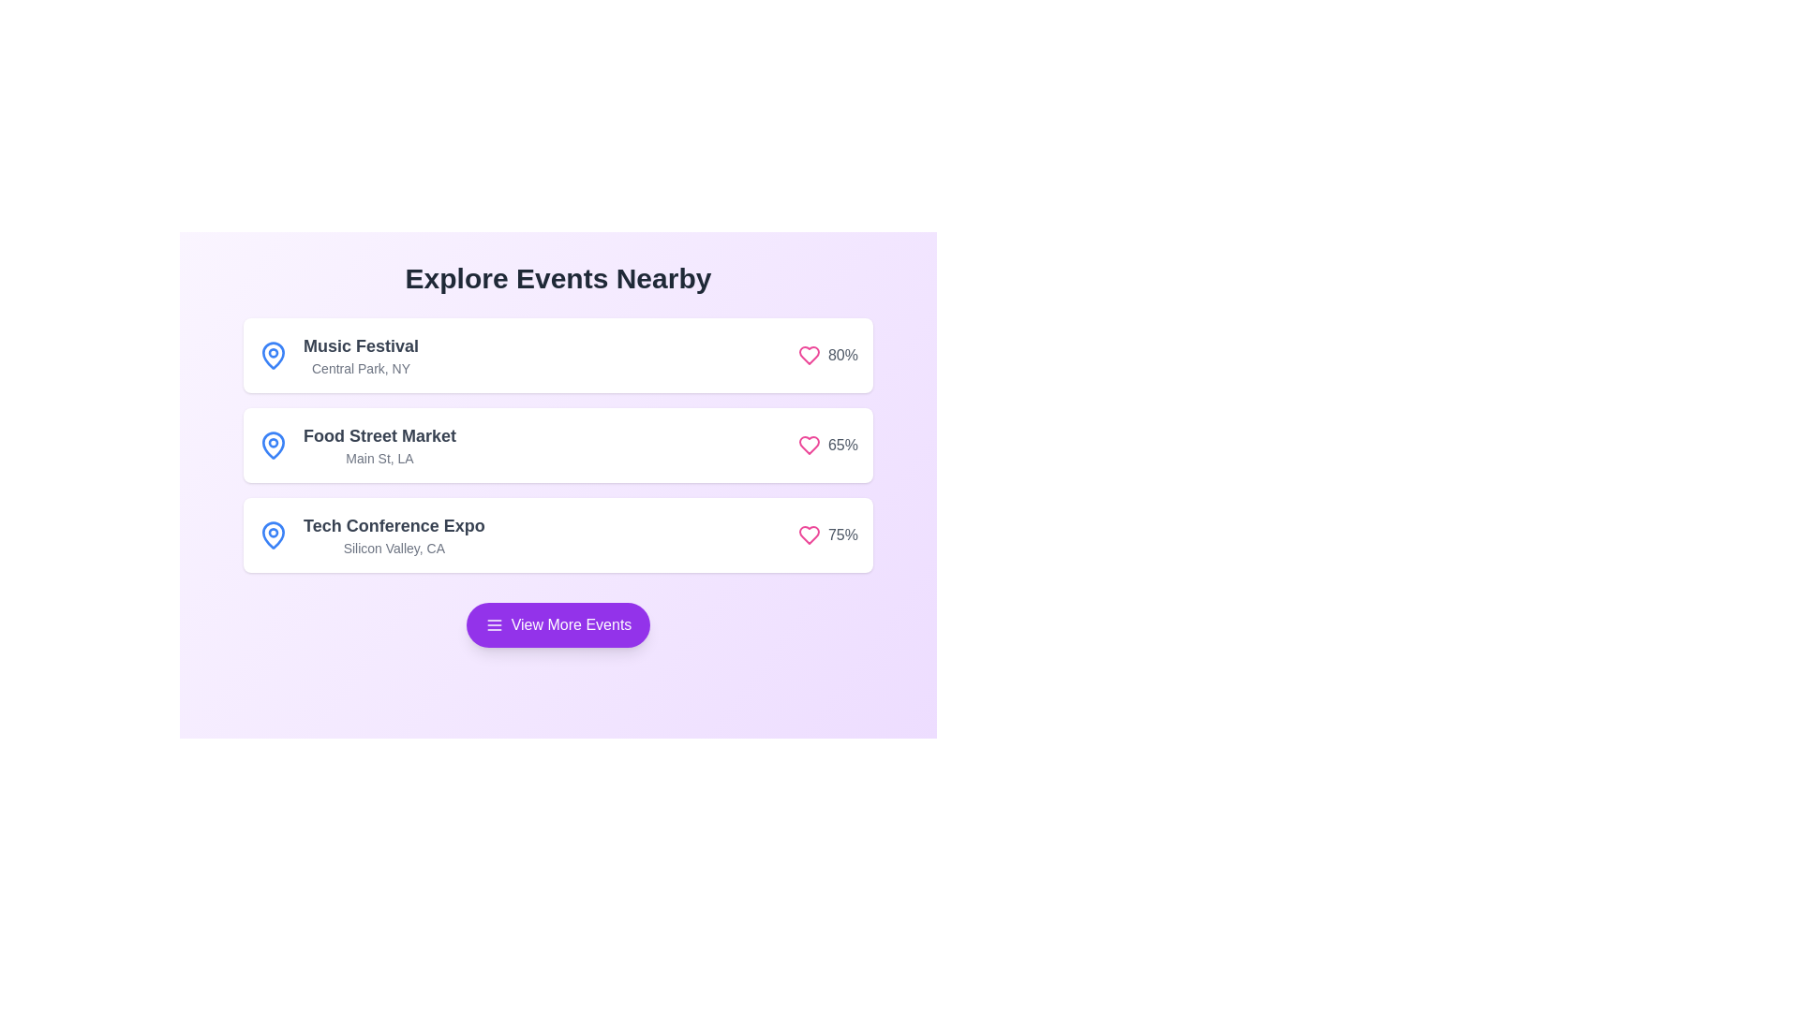 The width and height of the screenshot is (1799, 1011). What do you see at coordinates (379, 445) in the screenshot?
I see `the information display element that shows event details for 'Food Street Market' located at 'Main St, LA'` at bounding box center [379, 445].